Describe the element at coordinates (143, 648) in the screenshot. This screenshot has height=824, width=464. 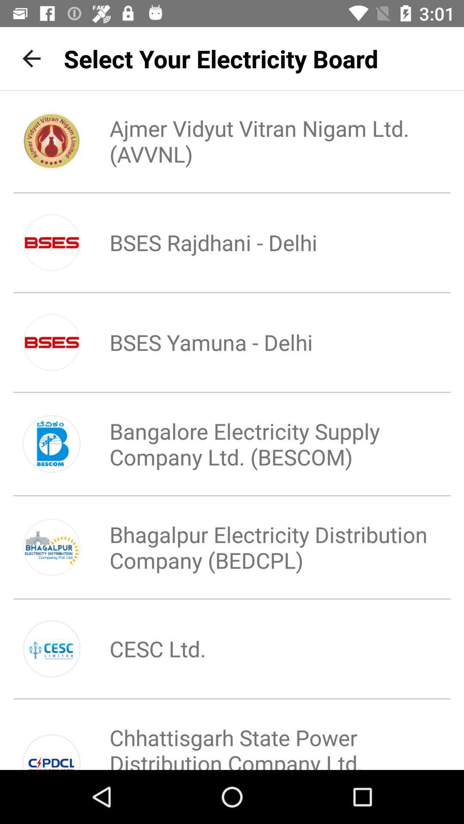
I see `the cesc ltd.` at that location.